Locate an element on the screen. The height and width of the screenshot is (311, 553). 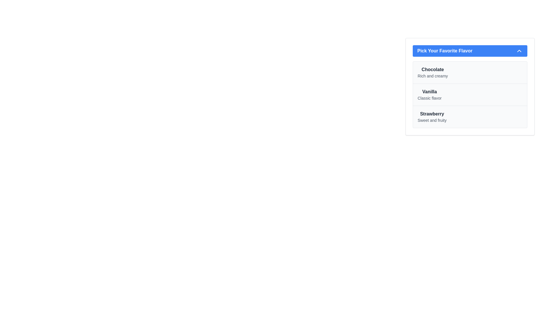
the text label displaying 'Classic flavor', which is styled in gray and positioned below the 'Vanilla' heading in the flavor options list is located at coordinates (429, 98).